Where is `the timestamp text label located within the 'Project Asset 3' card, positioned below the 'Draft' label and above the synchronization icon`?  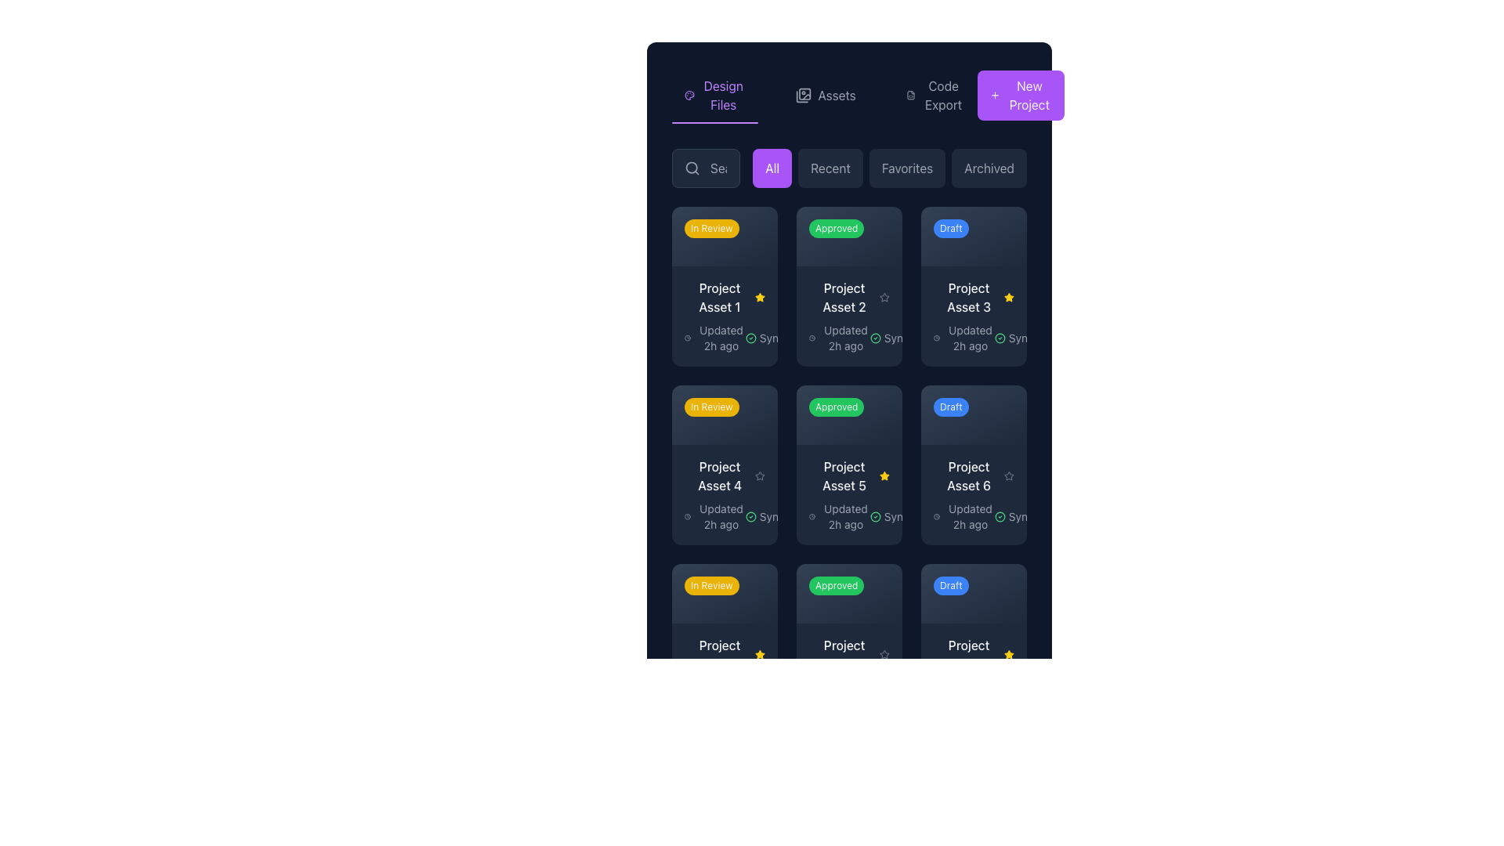 the timestamp text label located within the 'Project Asset 3' card, positioned below the 'Draft' label and above the synchronization icon is located at coordinates (969, 337).